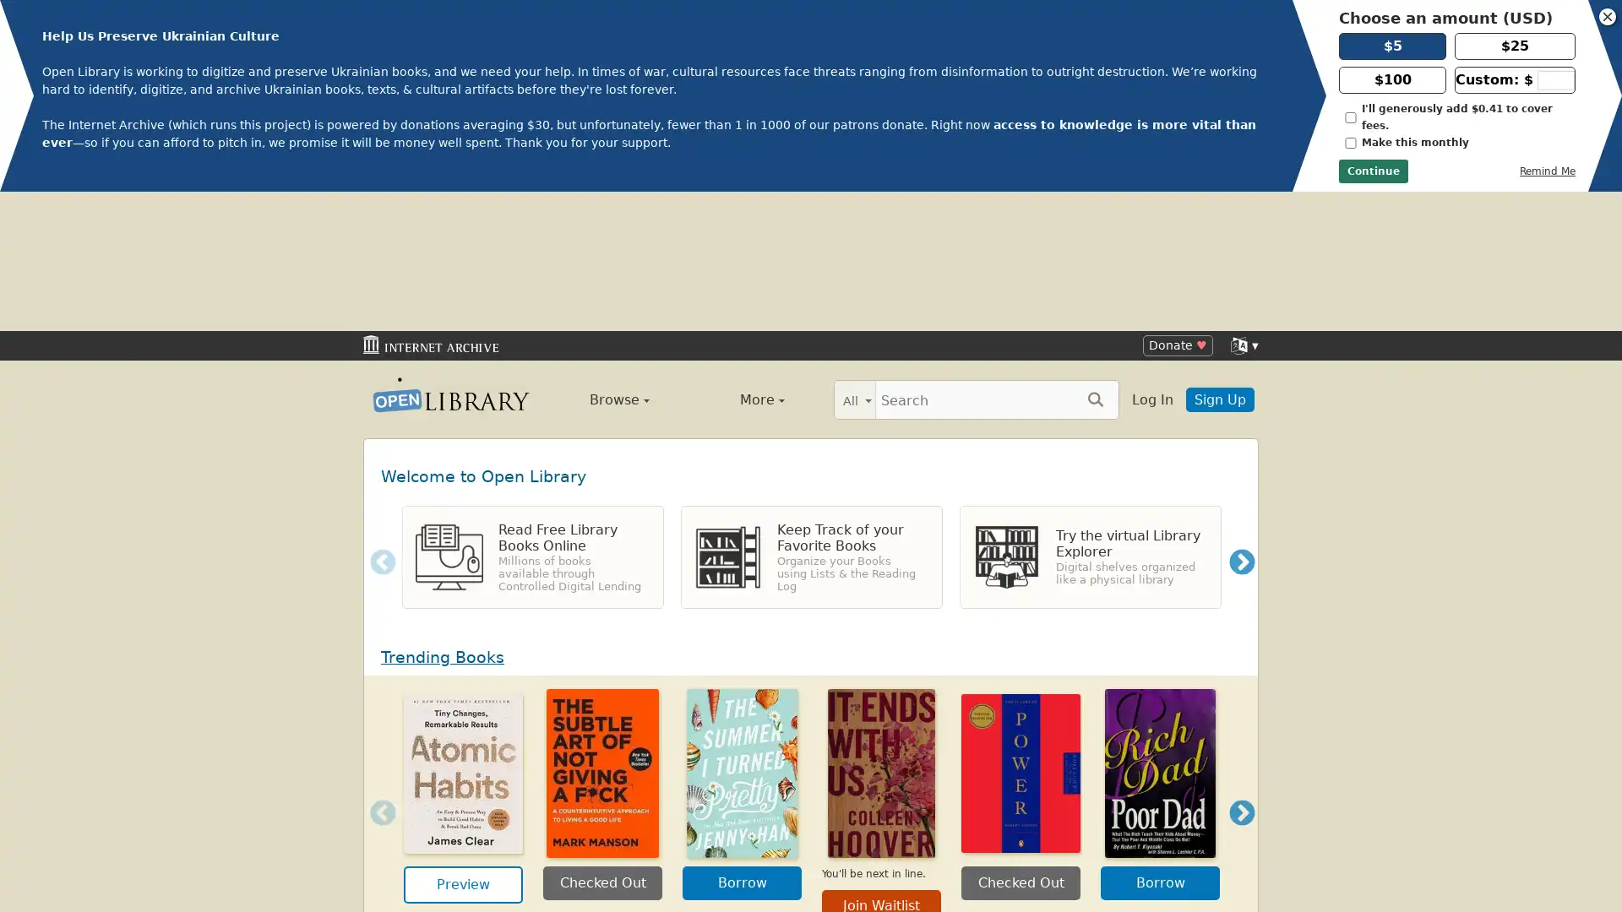  Describe the element at coordinates (1242, 673) in the screenshot. I see `Next` at that location.